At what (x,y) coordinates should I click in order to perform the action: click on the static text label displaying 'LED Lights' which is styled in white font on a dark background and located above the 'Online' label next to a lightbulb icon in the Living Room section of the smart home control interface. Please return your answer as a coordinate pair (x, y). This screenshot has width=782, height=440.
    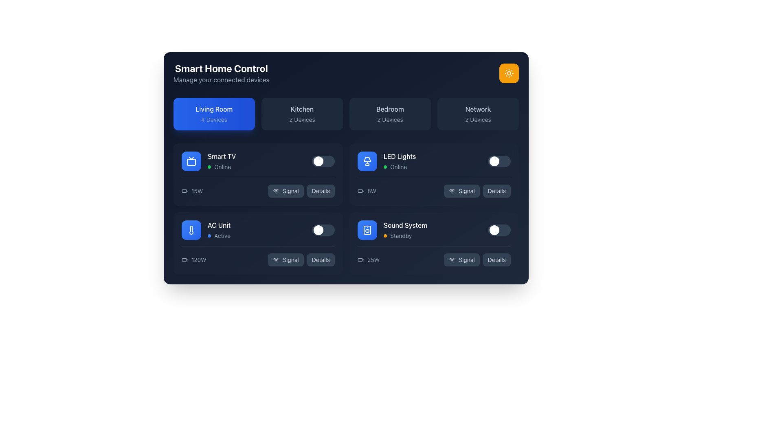
    Looking at the image, I should click on (400, 156).